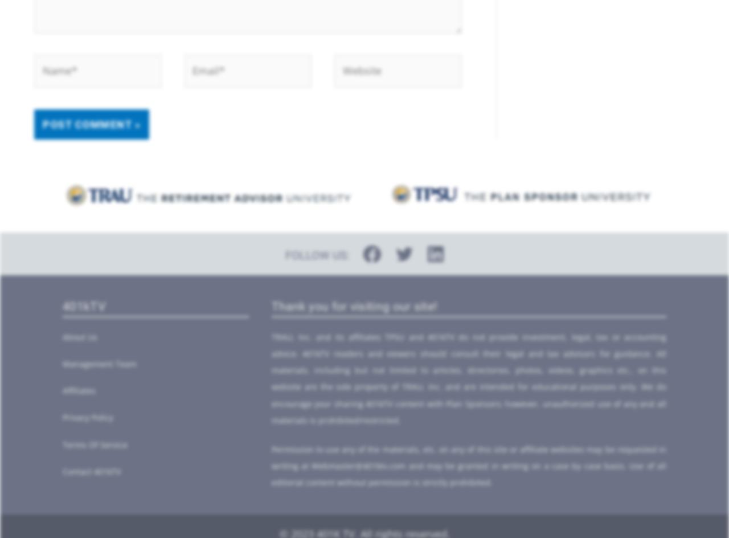  I want to click on 'Terms Of Service', so click(95, 443).